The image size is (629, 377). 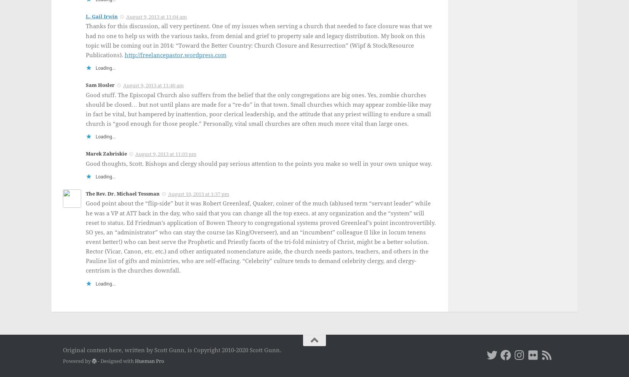 I want to click on 'Sam Hosler', so click(x=100, y=84).